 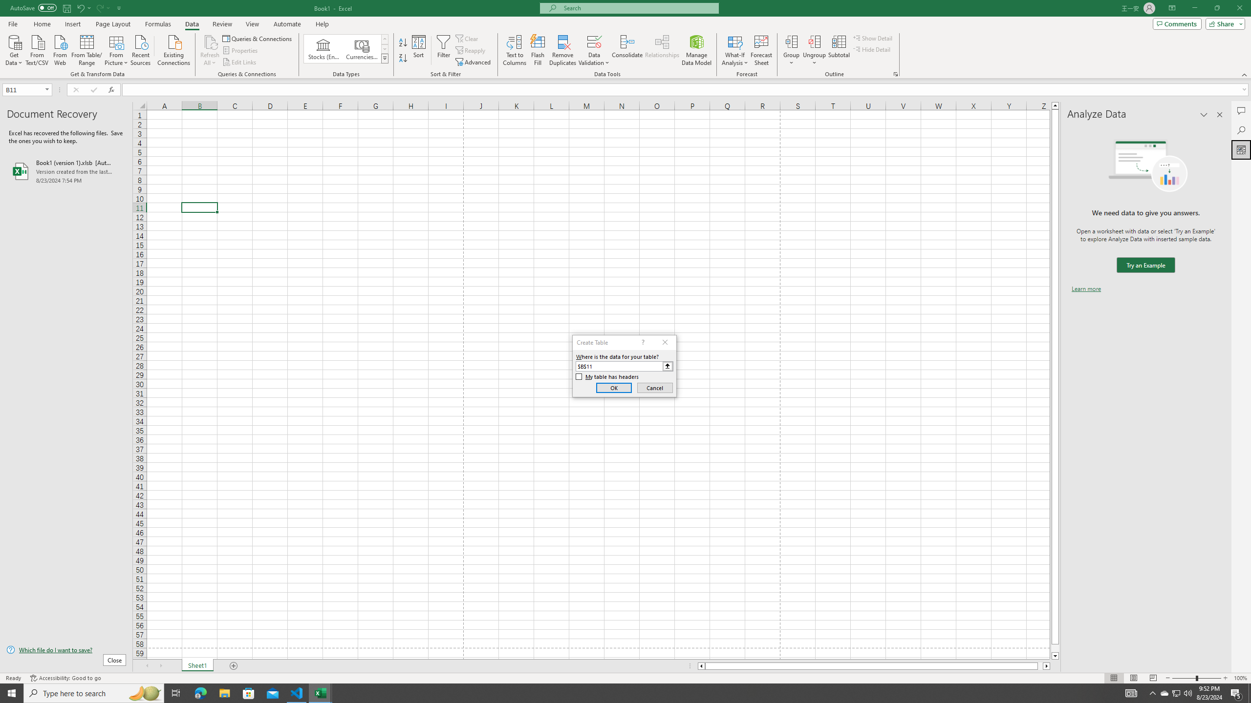 What do you see at coordinates (86, 49) in the screenshot?
I see `'From Table/Range'` at bounding box center [86, 49].